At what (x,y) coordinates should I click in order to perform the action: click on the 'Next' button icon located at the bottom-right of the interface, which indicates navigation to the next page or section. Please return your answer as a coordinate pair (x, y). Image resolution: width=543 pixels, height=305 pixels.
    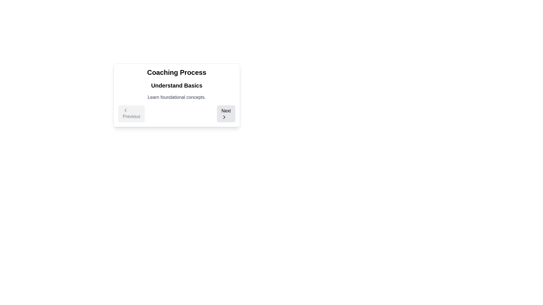
    Looking at the image, I should click on (224, 117).